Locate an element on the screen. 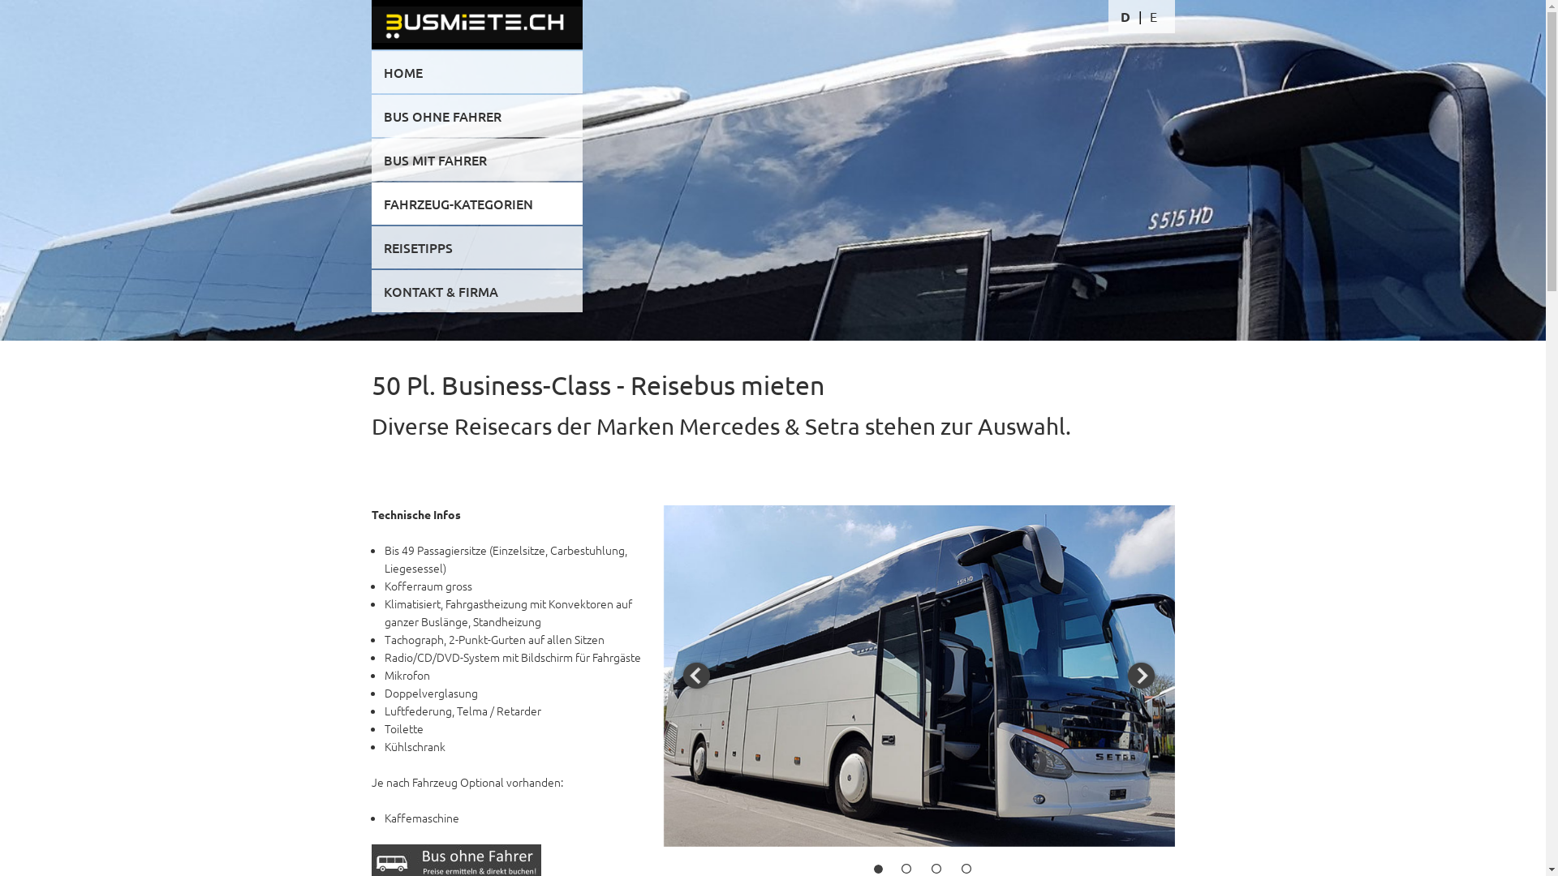  'D' is located at coordinates (1125, 16).